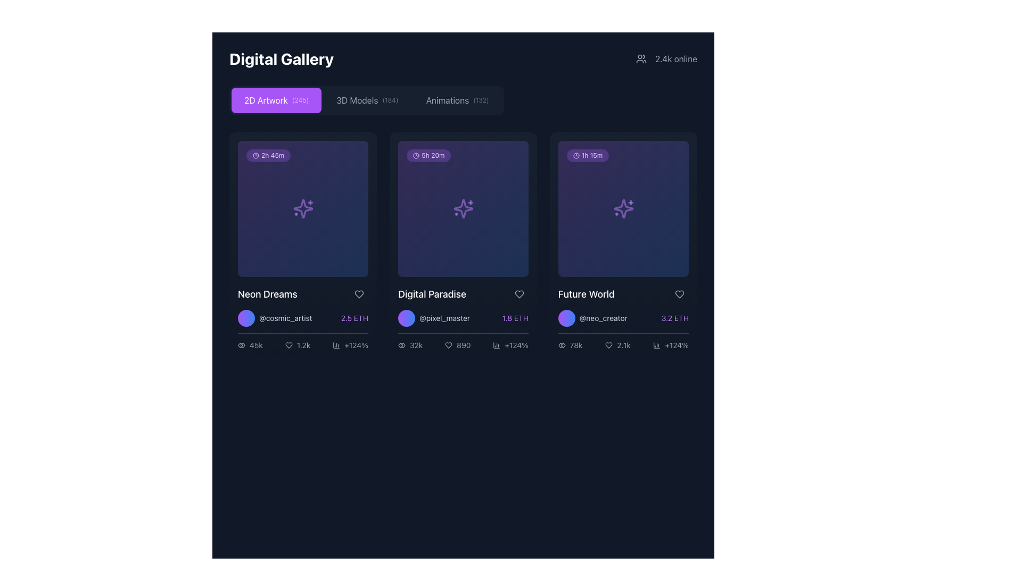 The width and height of the screenshot is (1022, 574). I want to click on the centered, stylized purple sparkles icon within the dark gradient card background for the 'Neon Dreams' listing, so click(302, 209).